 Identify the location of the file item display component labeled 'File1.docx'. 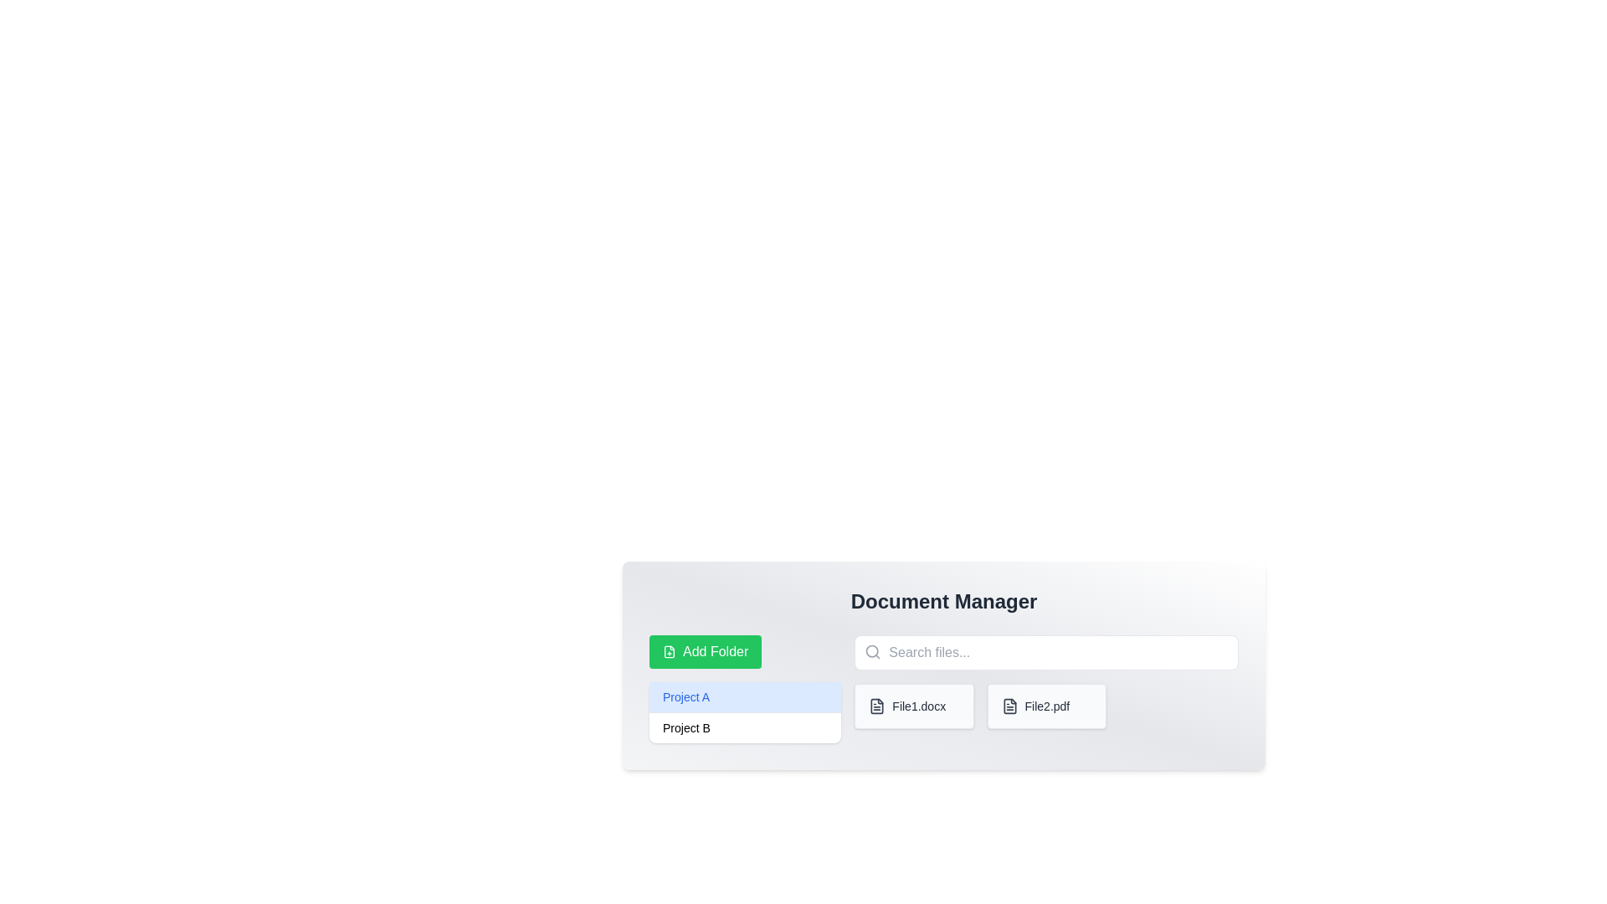
(944, 688).